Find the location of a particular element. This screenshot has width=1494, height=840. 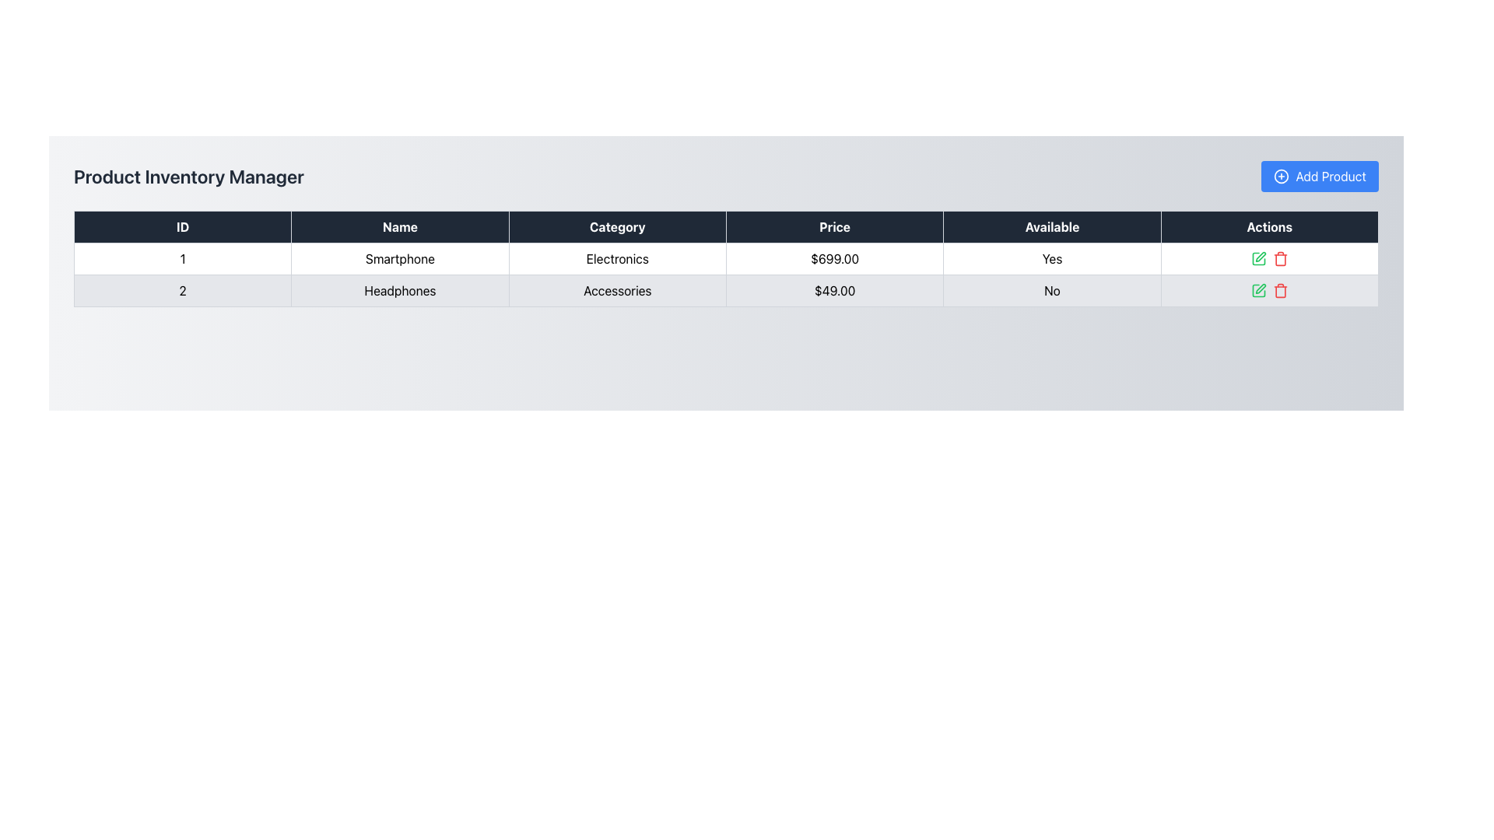

the static text display showing the price value '$49.00' in the 'Price' column of the second row in the 'Product Inventory Manager' interface is located at coordinates (834, 291).